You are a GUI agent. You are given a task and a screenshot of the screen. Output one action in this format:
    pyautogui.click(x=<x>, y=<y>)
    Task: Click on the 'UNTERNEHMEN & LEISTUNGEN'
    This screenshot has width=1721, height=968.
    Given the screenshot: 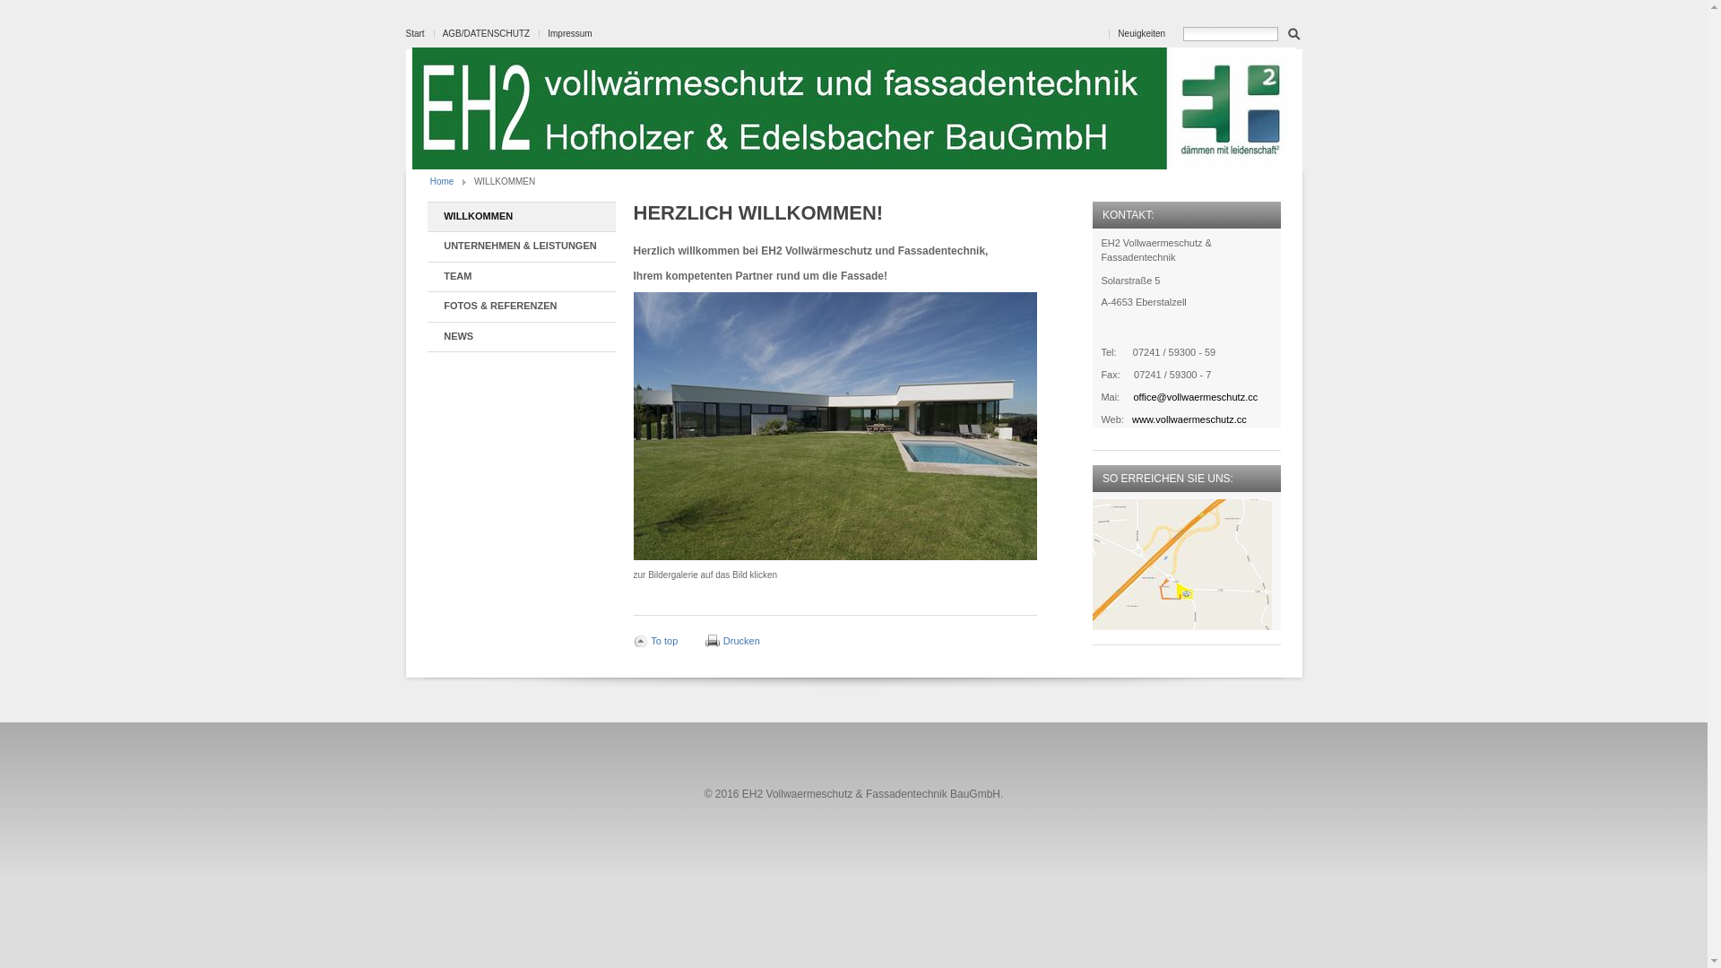 What is the action you would take?
    pyautogui.click(x=519, y=246)
    